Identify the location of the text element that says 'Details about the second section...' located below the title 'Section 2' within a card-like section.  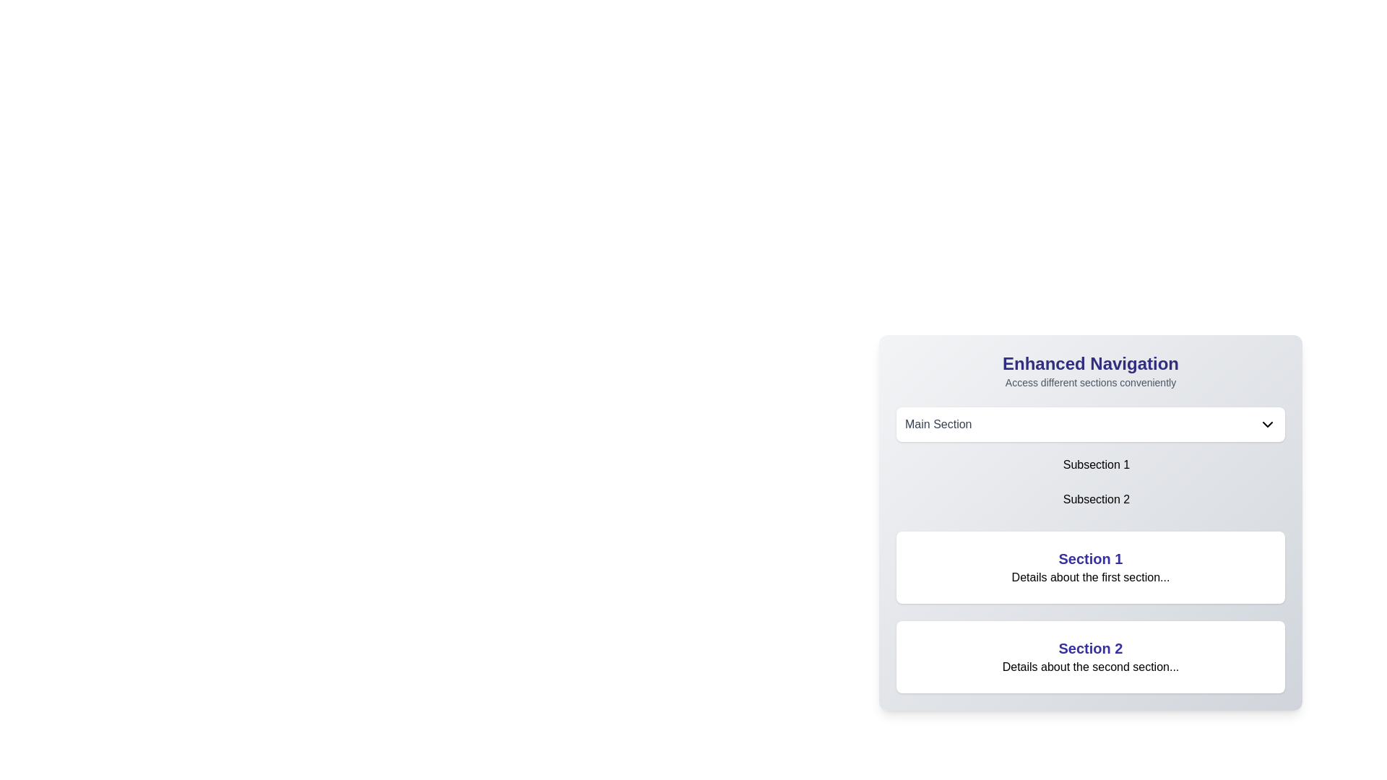
(1091, 667).